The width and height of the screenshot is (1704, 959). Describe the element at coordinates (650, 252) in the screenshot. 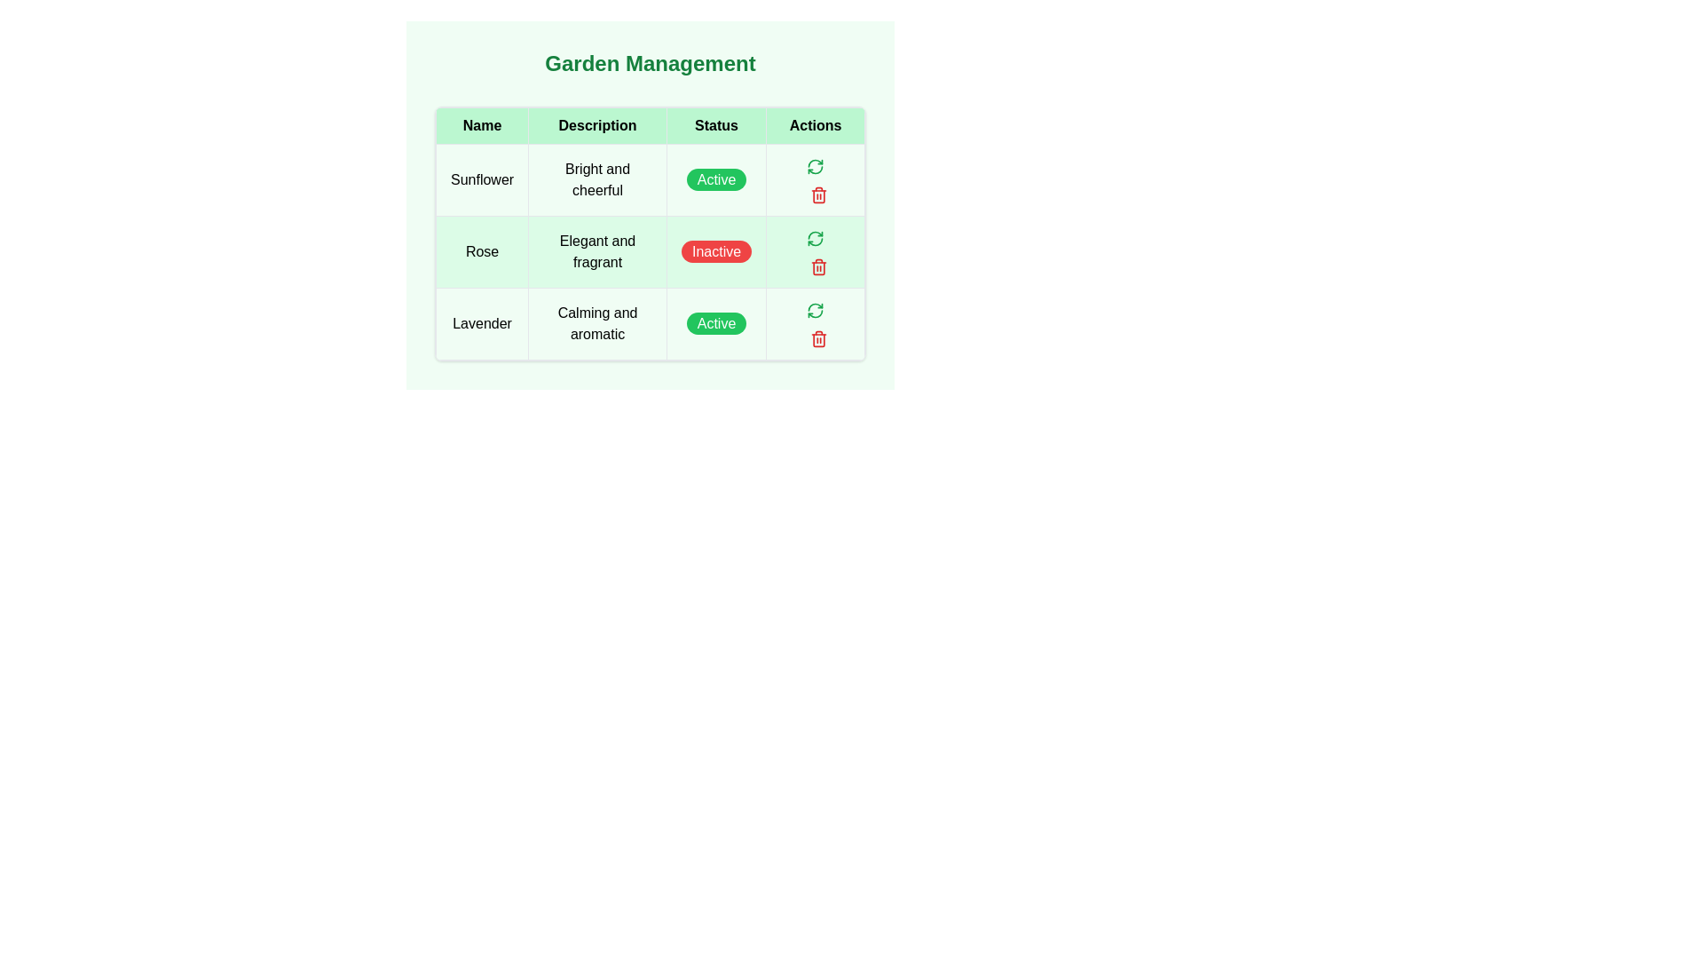

I see `the second row of the 'Garden Management' table, which contains the item 'Rose,' to access row-specific buttons for actions like edit or delete` at that location.